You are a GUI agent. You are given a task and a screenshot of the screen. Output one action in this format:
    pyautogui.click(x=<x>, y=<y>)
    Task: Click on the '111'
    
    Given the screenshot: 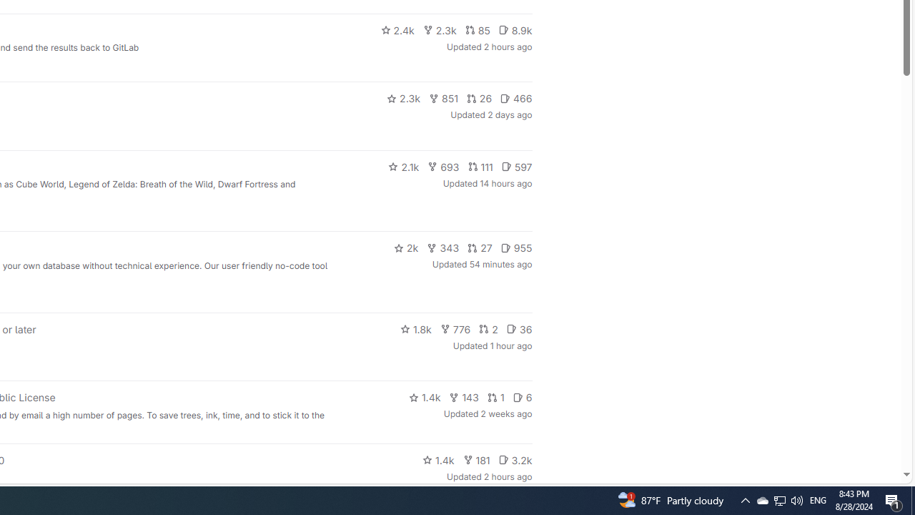 What is the action you would take?
    pyautogui.click(x=480, y=165)
    